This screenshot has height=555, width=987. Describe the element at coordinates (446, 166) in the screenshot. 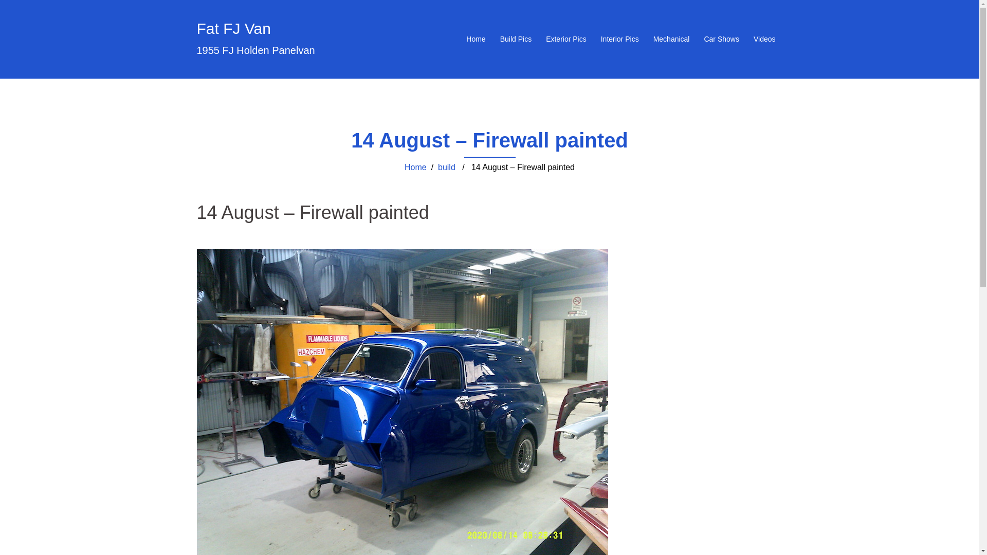

I see `'build'` at that location.